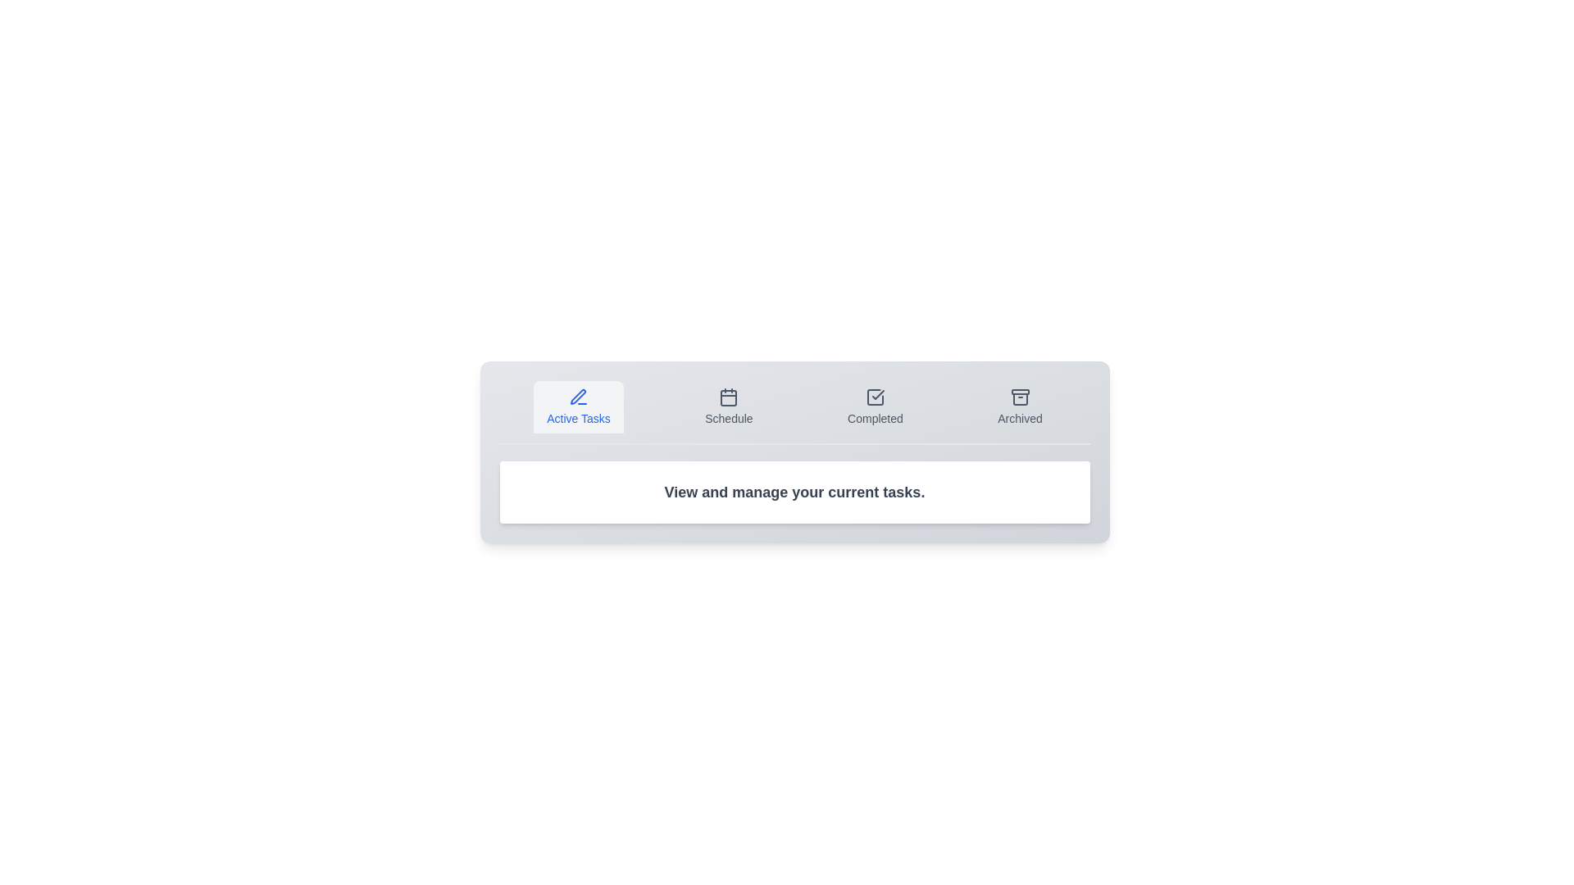 The height and width of the screenshot is (885, 1574). I want to click on the tab labeled Archived, so click(1019, 406).